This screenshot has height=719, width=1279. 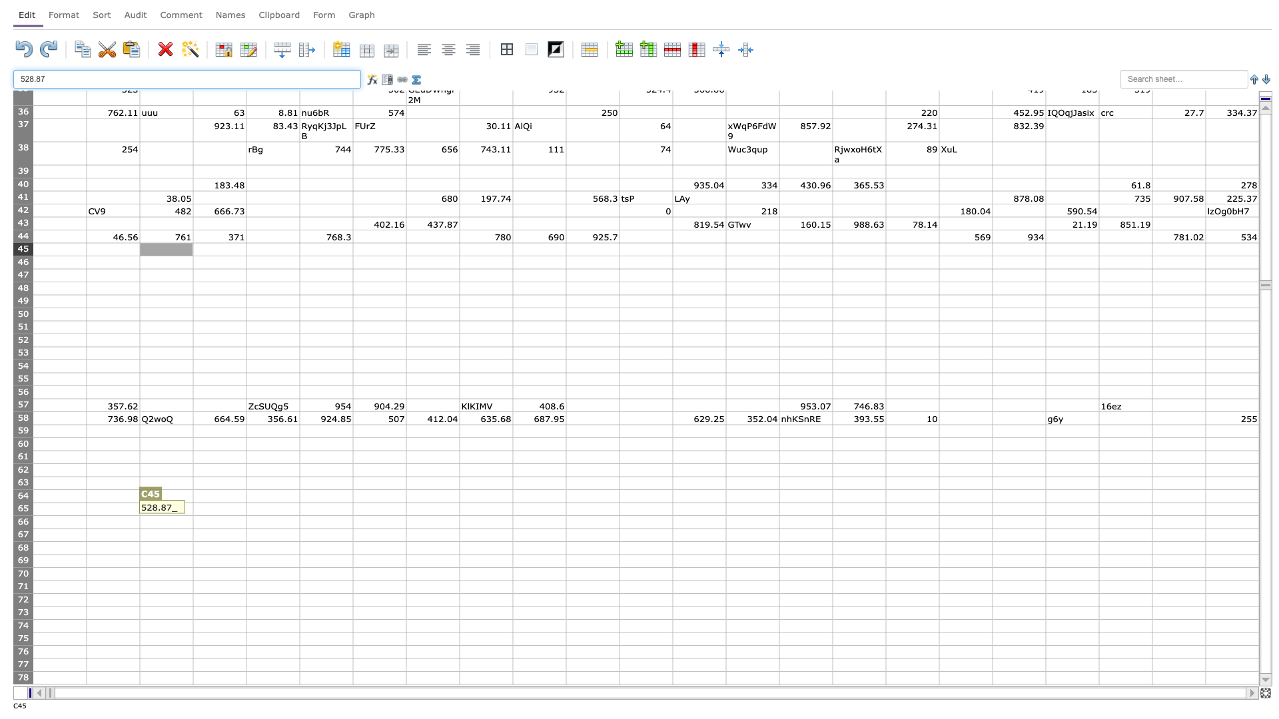 I want to click on Lower right corner of cell K65, so click(x=619, y=515).